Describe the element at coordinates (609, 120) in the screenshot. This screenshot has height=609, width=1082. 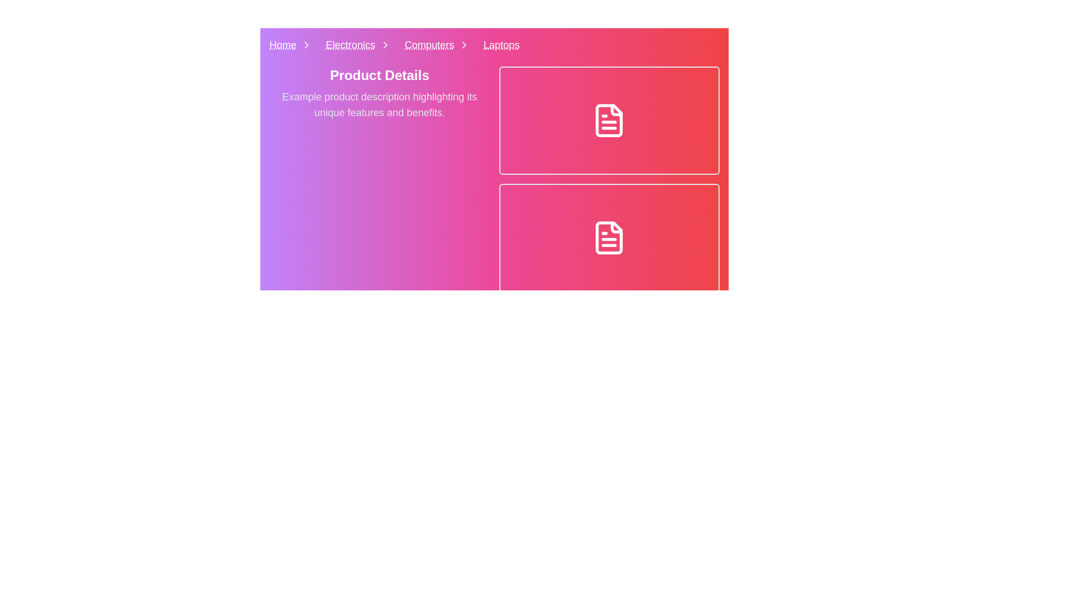
I see `the document icon located in the upper rectangle of the center-right section of the interface, which has a white stroke appearance over a gradient background` at that location.